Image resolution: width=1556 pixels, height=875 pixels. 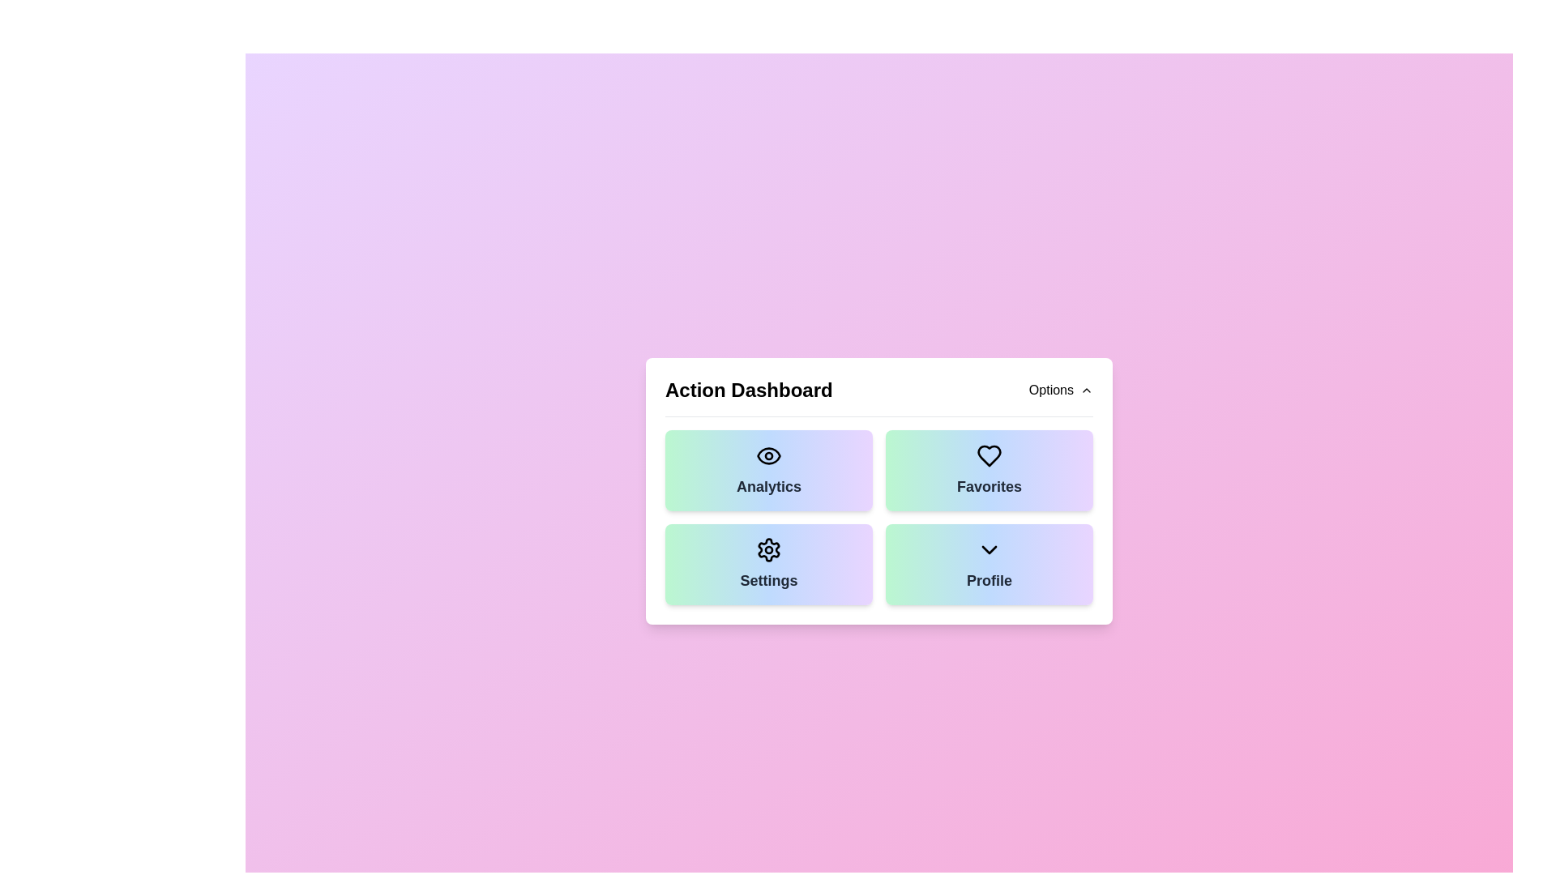 I want to click on the settings button located in the bottom-left of the grid under the 'Action Dashboard' header, so click(x=768, y=563).